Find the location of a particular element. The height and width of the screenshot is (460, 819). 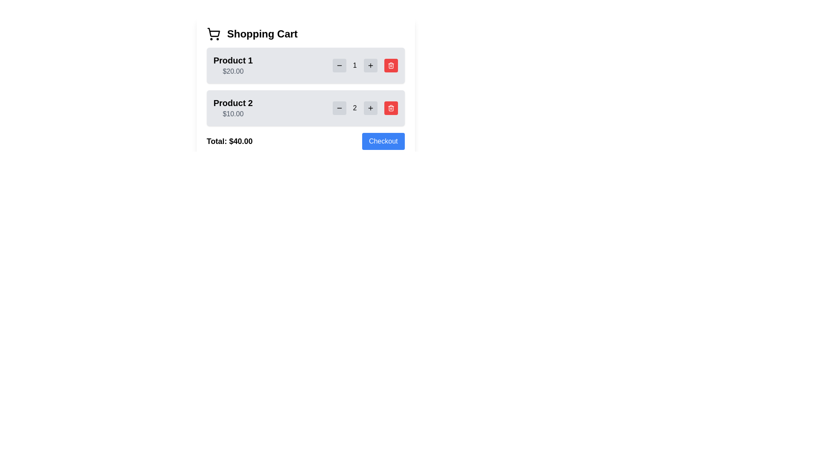

the product card representing a product in the shopping cart, which displays the product's name, price, and quantity controls is located at coordinates (305, 108).